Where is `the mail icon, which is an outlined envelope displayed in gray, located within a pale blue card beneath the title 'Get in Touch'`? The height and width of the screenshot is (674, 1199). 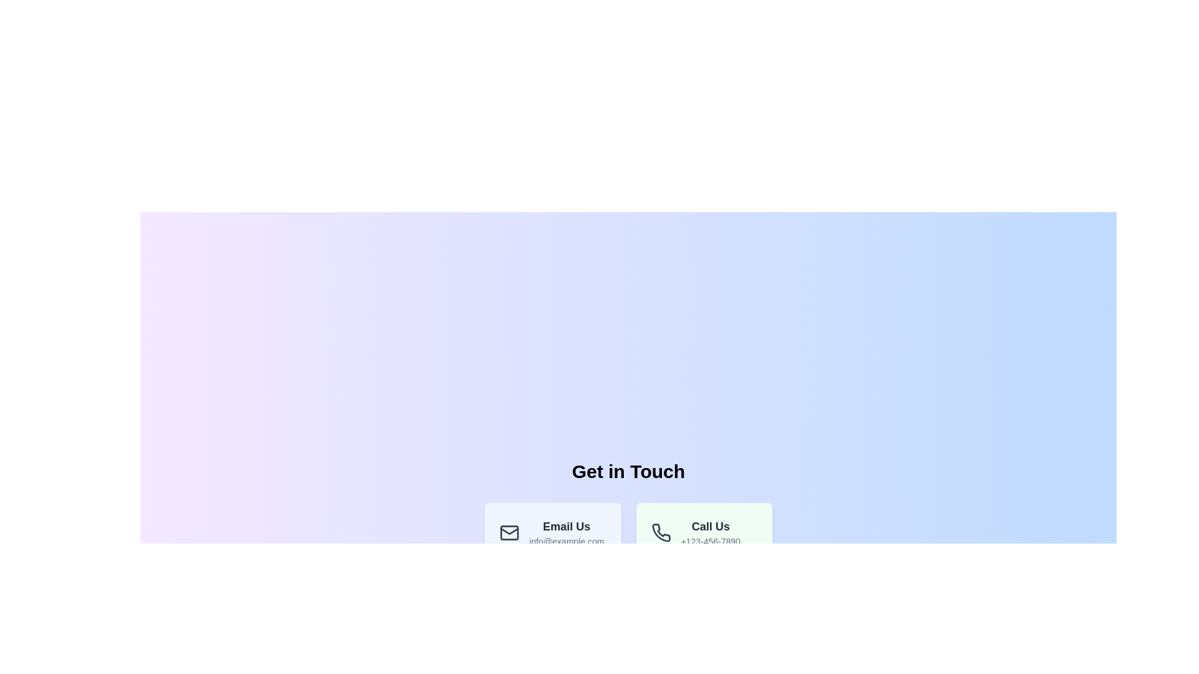
the mail icon, which is an outlined envelope displayed in gray, located within a pale blue card beneath the title 'Get in Touch' is located at coordinates (509, 532).